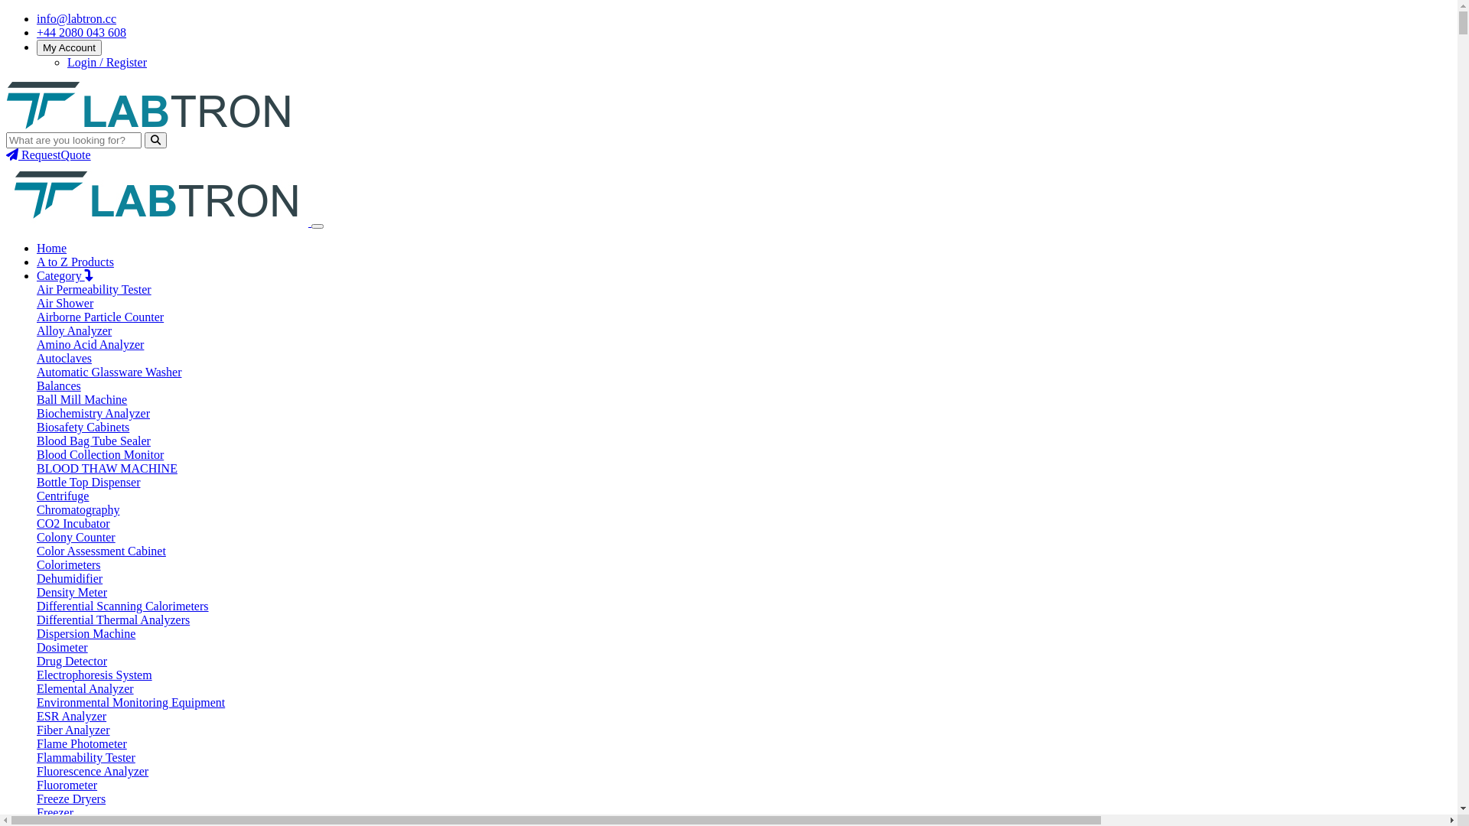  Describe the element at coordinates (75, 536) in the screenshot. I see `'Colony Counter'` at that location.